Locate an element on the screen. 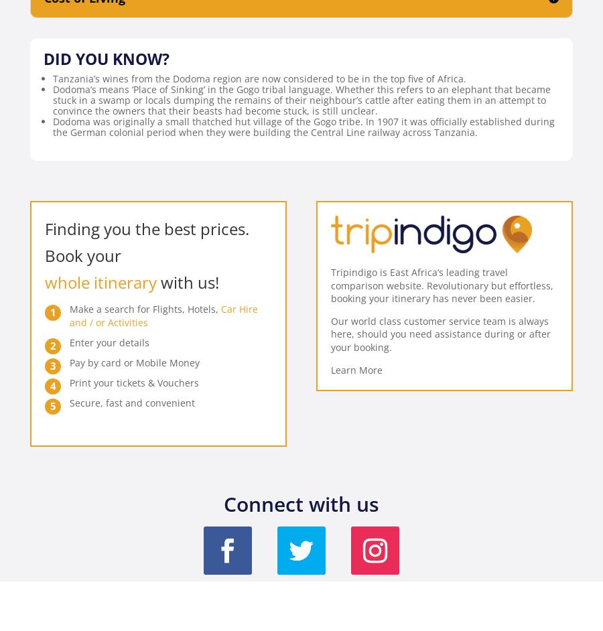 This screenshot has width=603, height=631. 'Learn More' is located at coordinates (356, 368).